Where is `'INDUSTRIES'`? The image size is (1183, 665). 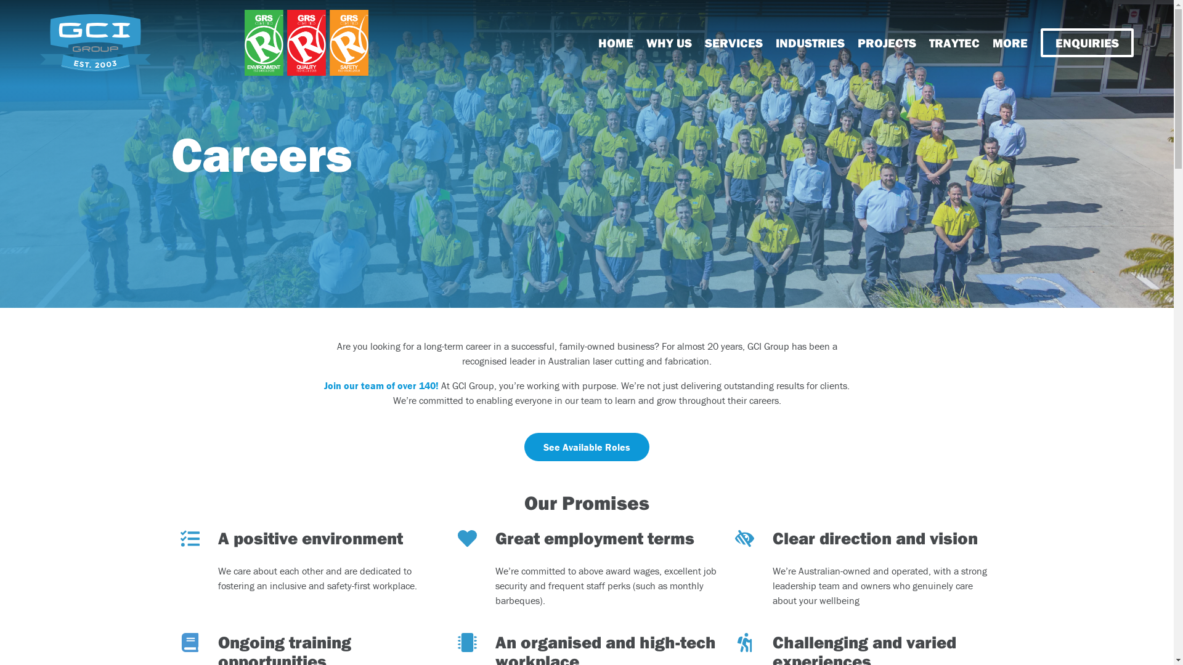 'INDUSTRIES' is located at coordinates (810, 42).